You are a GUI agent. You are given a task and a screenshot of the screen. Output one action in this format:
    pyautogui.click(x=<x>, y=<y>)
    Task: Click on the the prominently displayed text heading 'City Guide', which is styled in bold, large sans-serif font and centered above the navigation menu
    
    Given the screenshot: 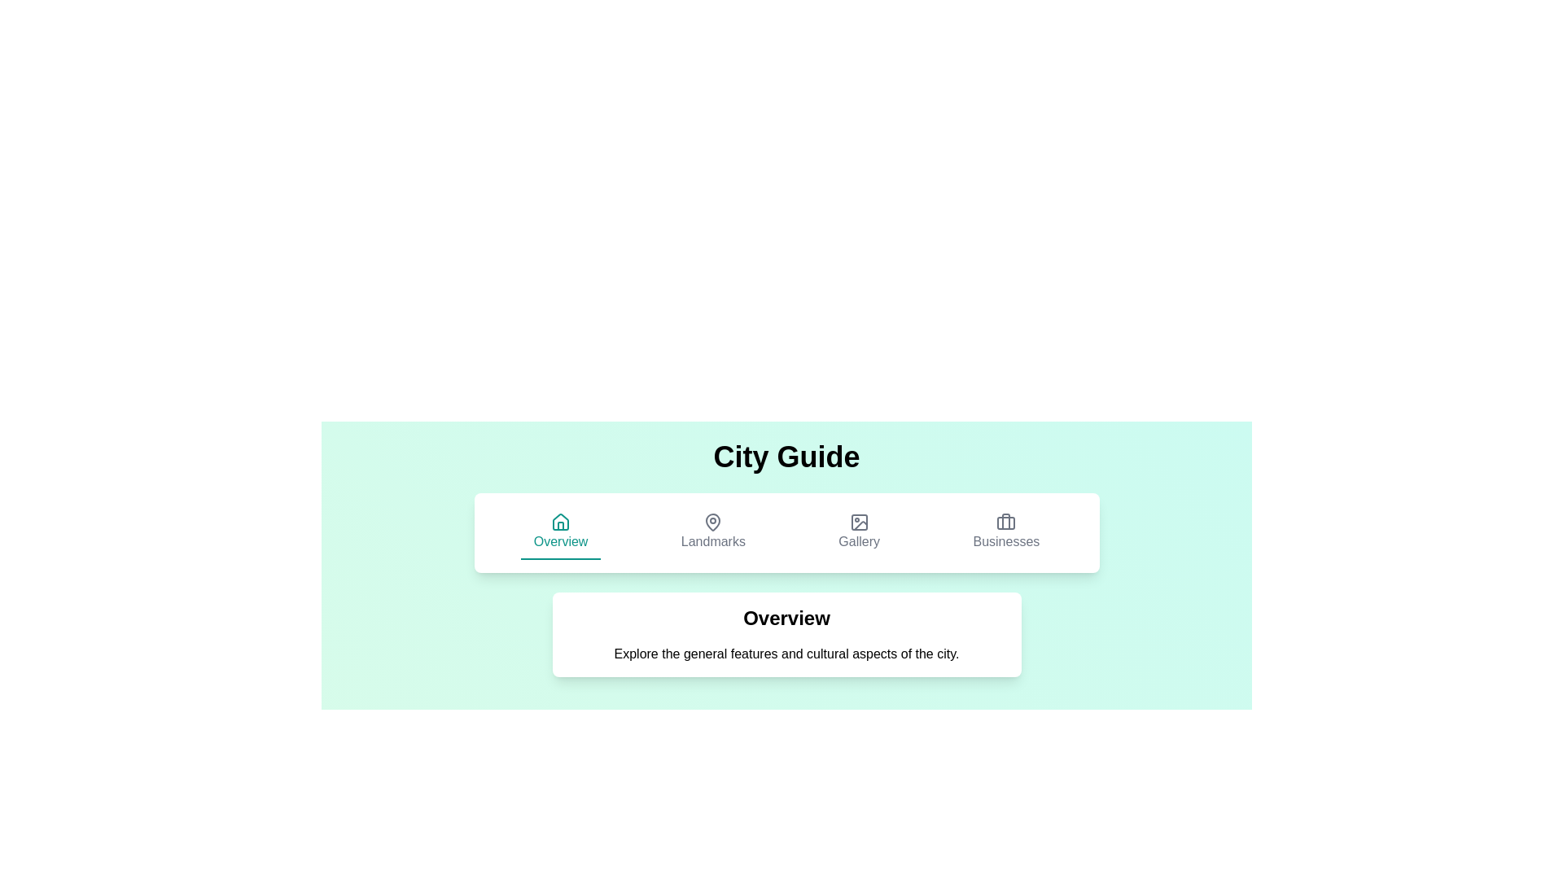 What is the action you would take?
    pyautogui.click(x=786, y=457)
    